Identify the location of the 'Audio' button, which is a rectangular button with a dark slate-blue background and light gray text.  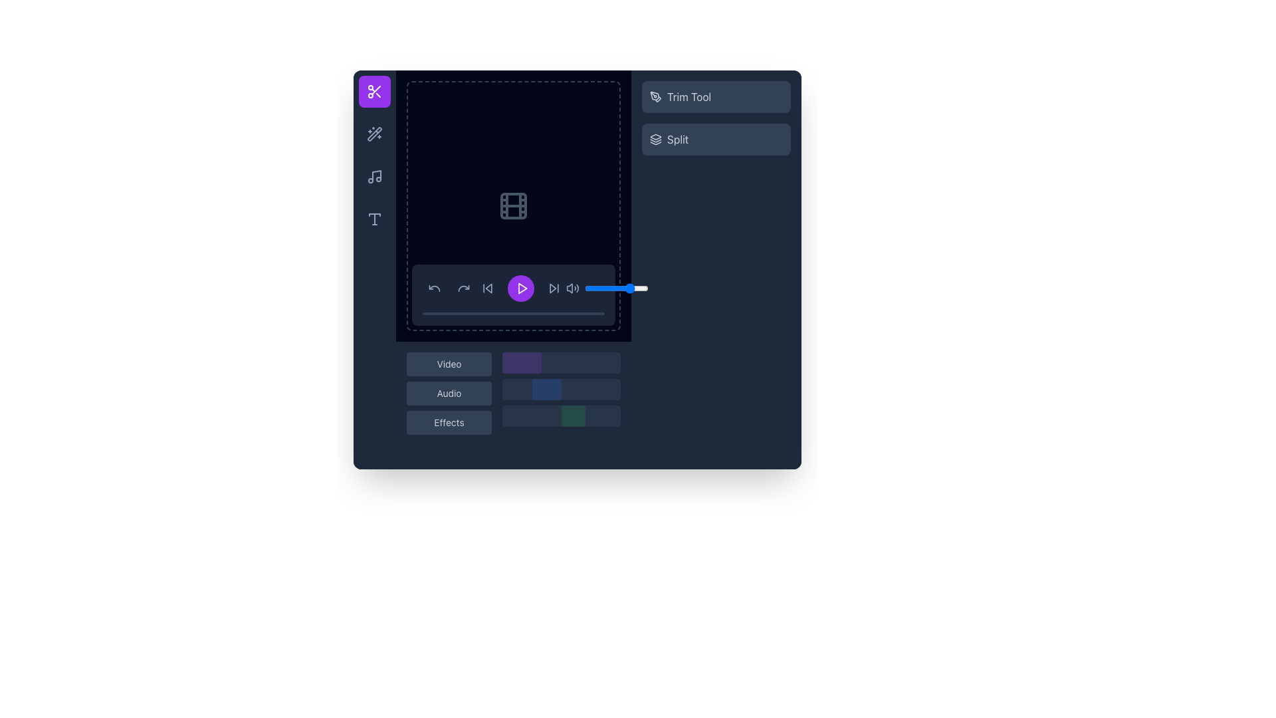
(449, 392).